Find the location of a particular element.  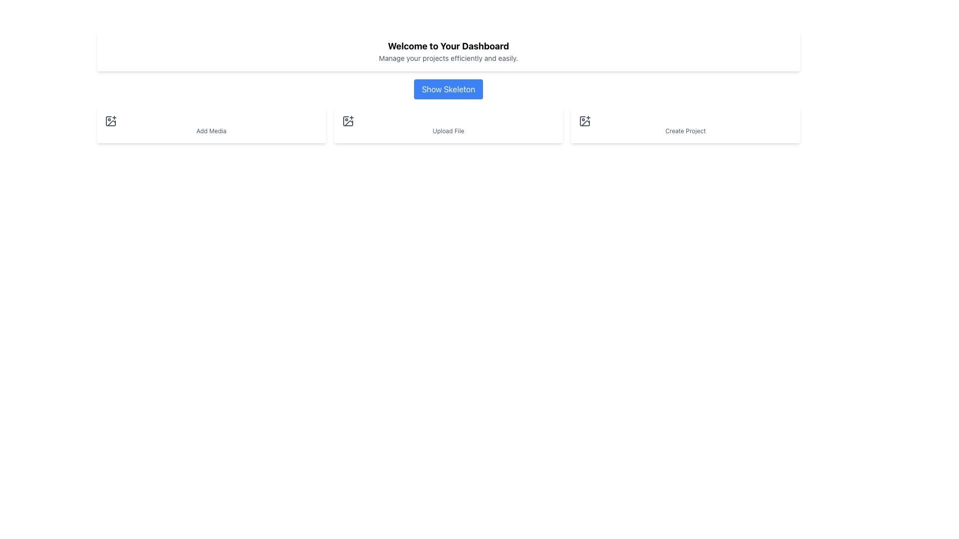

the 'Show Skeleton' button to initiate a visual state change is located at coordinates (448, 88).